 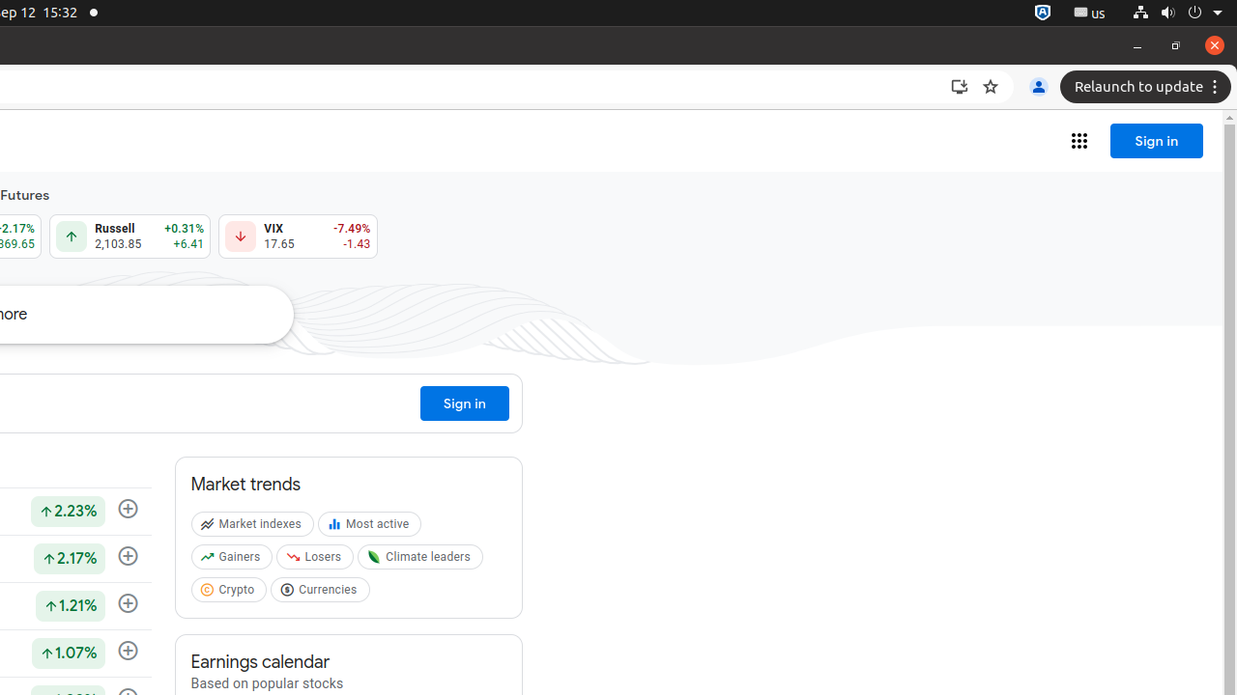 I want to click on 'Google apps', so click(x=1079, y=140).